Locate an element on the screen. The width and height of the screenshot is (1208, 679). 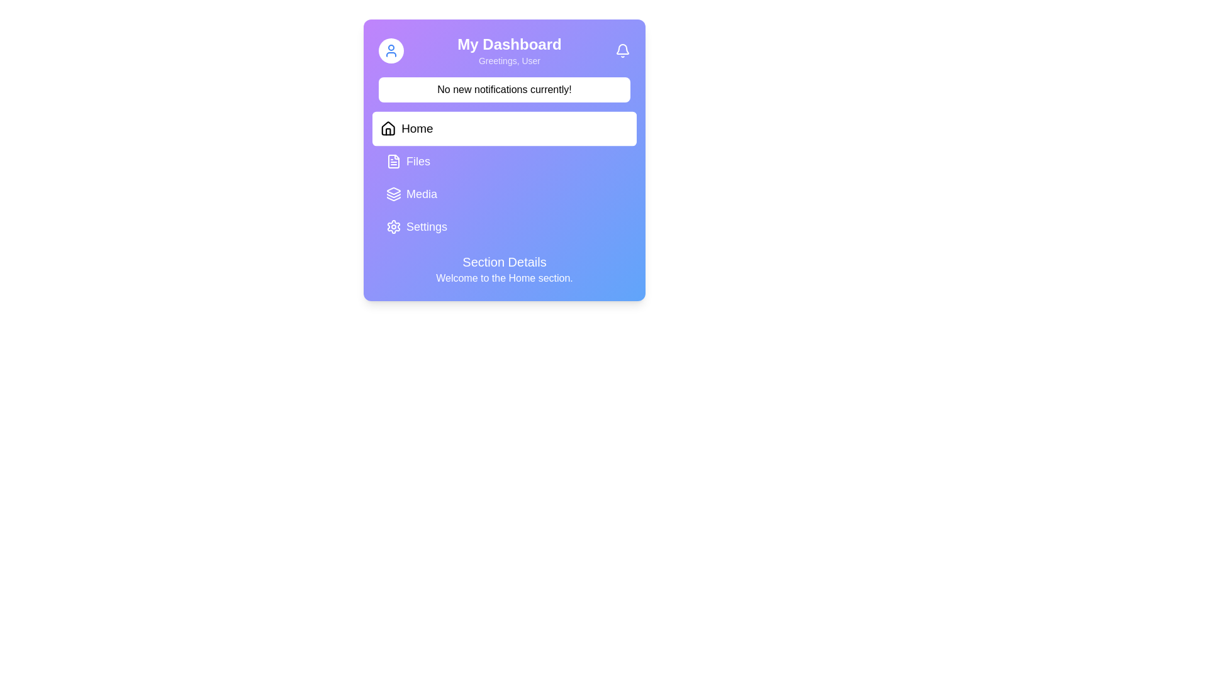
the greeting message static text label located below the 'My Dashboard' title in the header section is located at coordinates (510, 60).